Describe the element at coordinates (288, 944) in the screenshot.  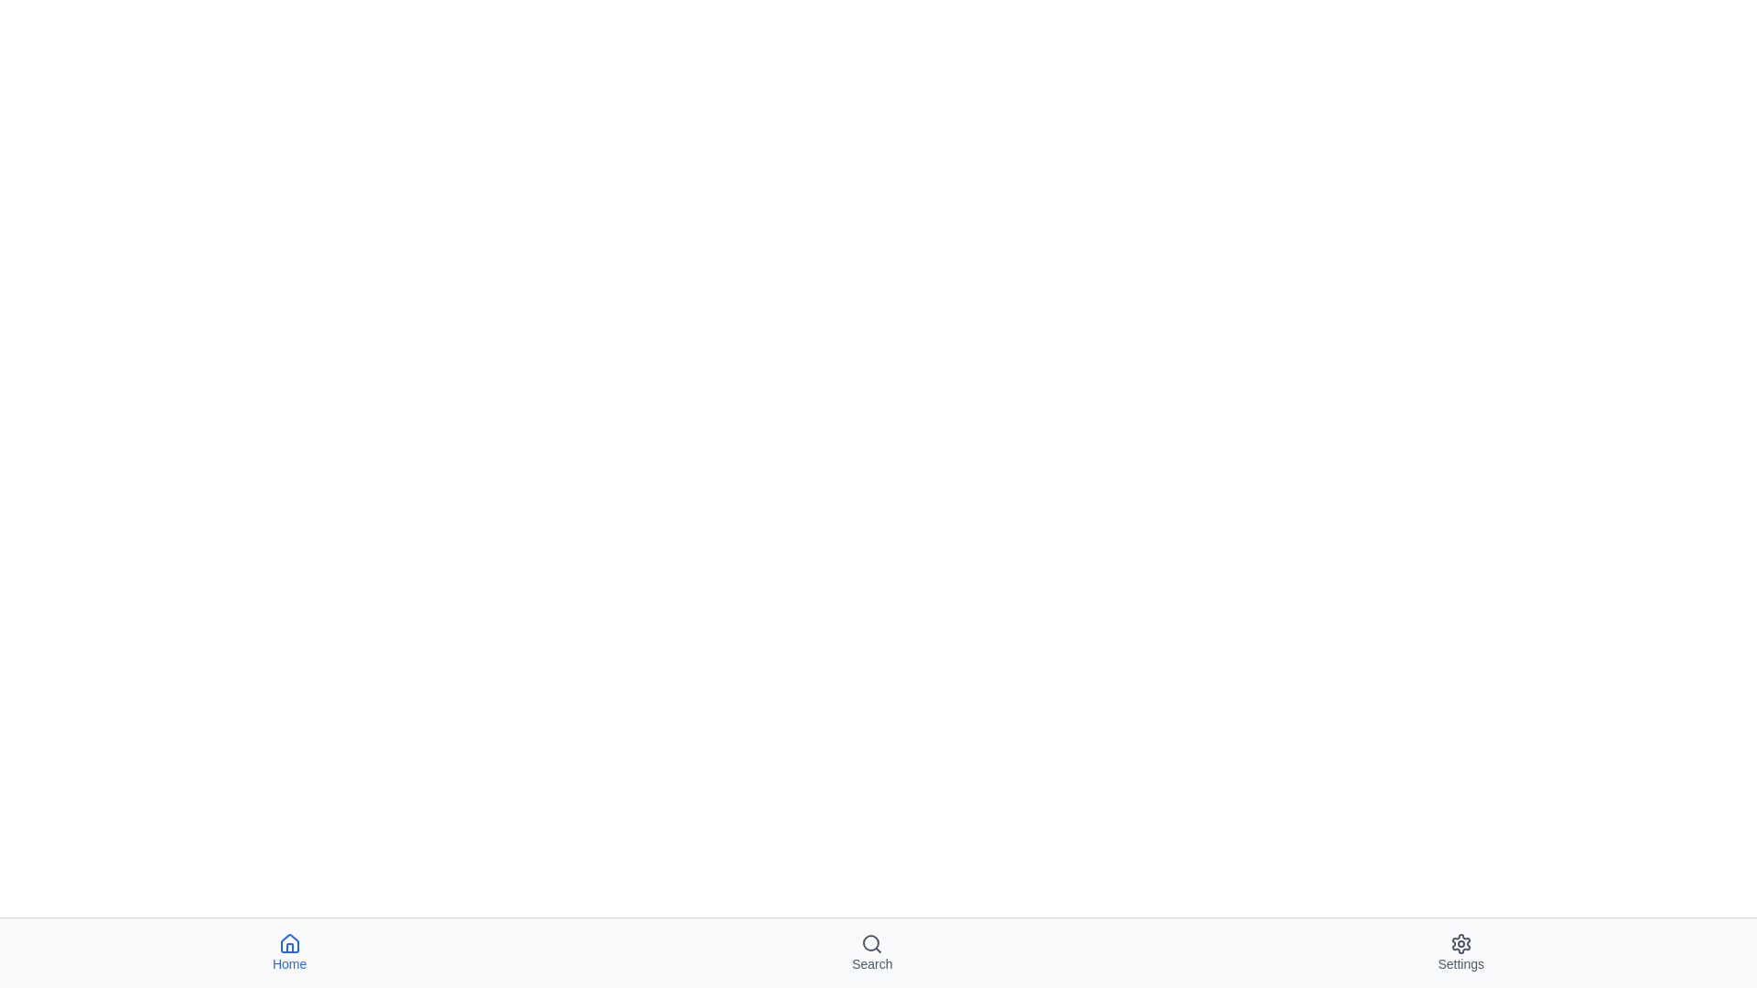
I see `the home icon, which is a blue line-art representation of a house located in the bottom navigation bar` at that location.